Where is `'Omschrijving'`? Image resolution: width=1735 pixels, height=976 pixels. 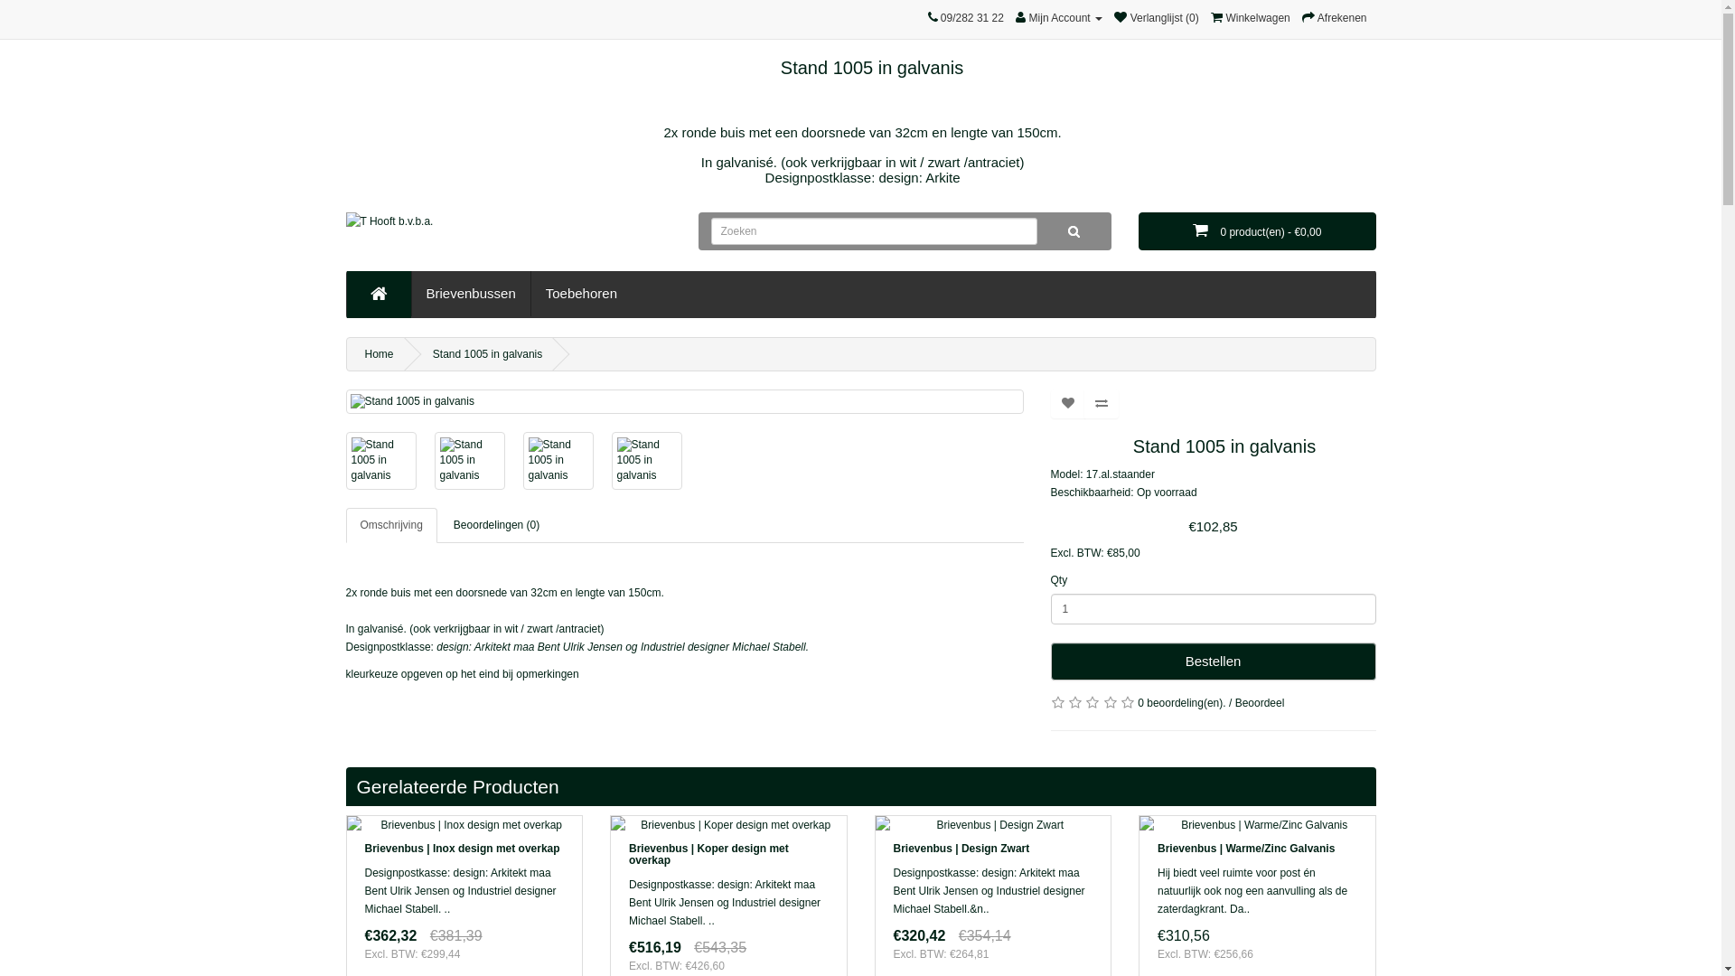 'Omschrijving' is located at coordinates (389, 525).